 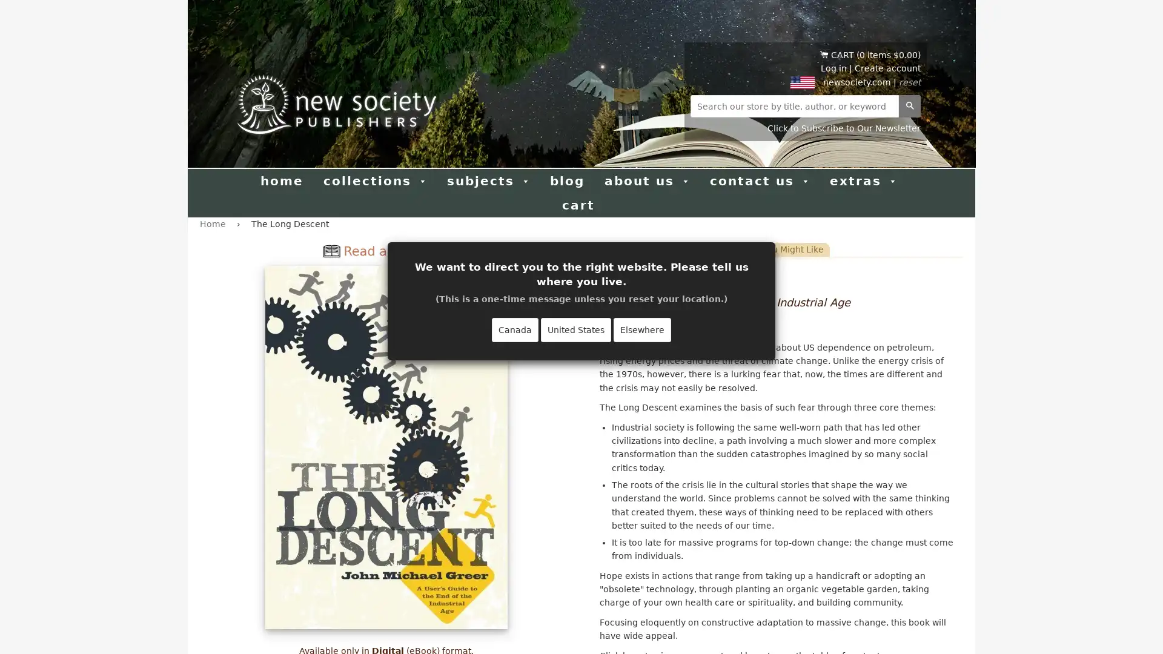 What do you see at coordinates (515, 329) in the screenshot?
I see `Canada` at bounding box center [515, 329].